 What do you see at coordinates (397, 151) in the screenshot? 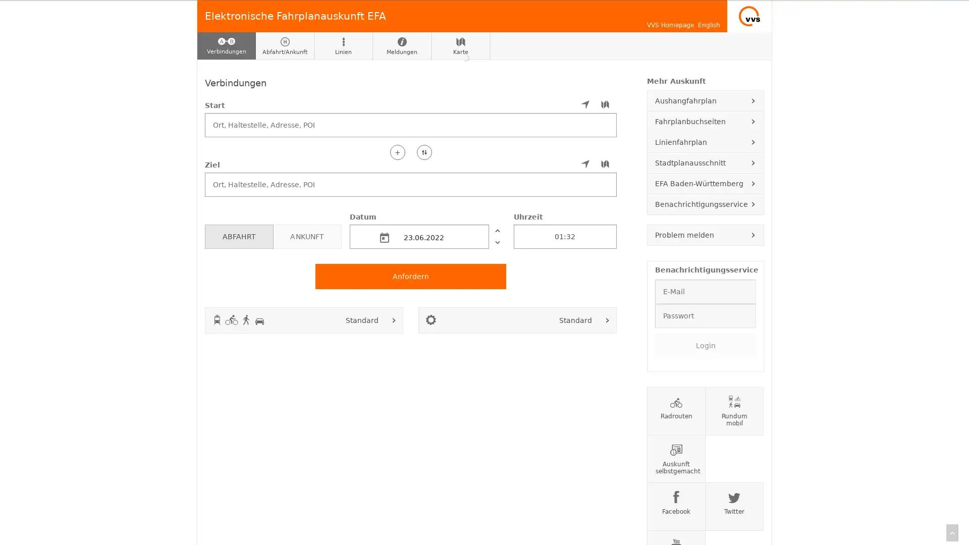
I see `+` at bounding box center [397, 151].